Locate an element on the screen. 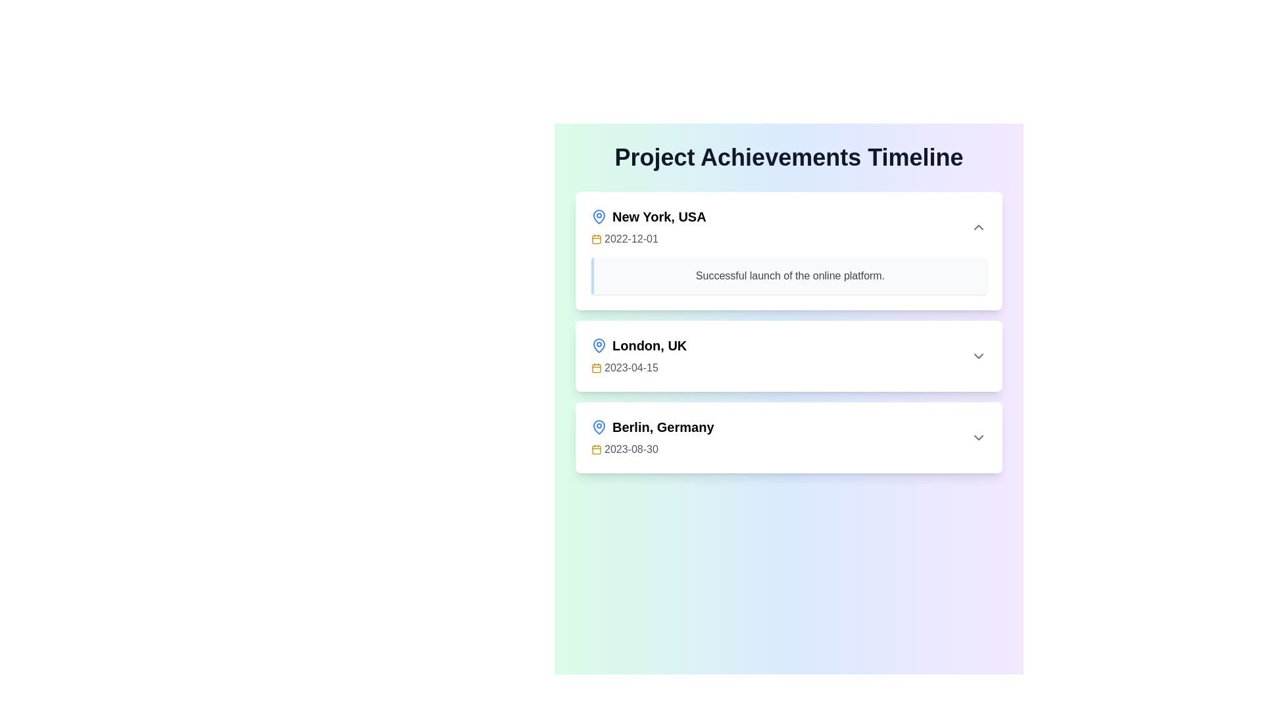 The image size is (1263, 710). the downward-pointing chevron icon button located on the right-hand side of the section under 'London, UK 2023-04-15' is located at coordinates (979, 356).